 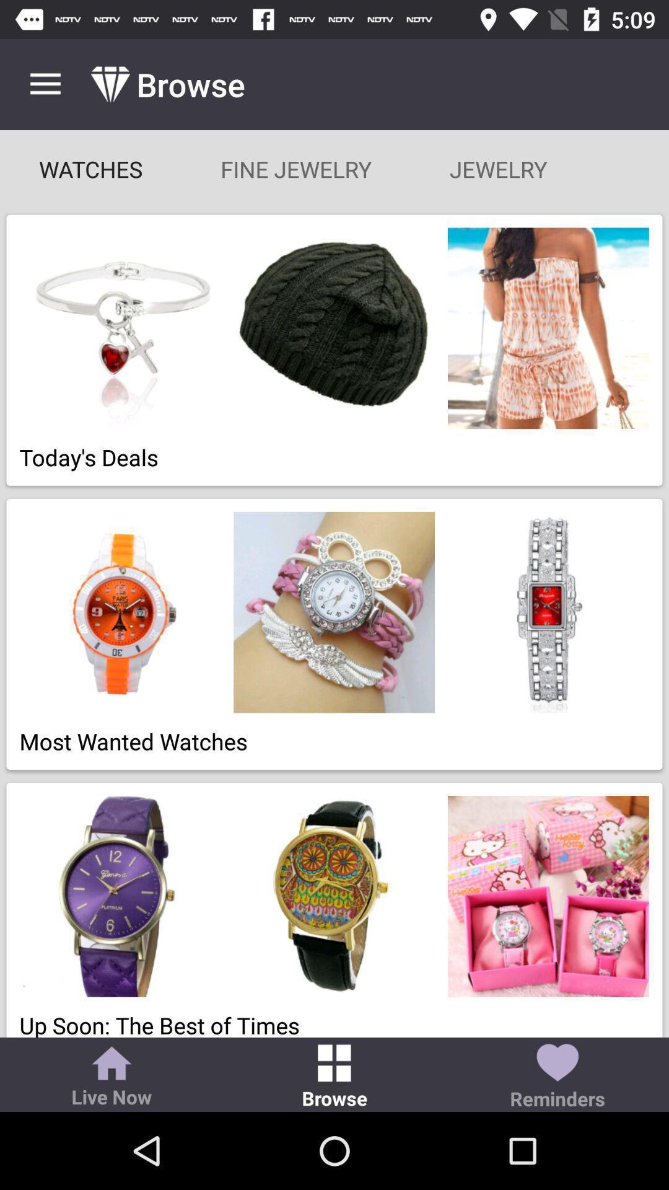 What do you see at coordinates (556, 1077) in the screenshot?
I see `icon next to browse icon` at bounding box center [556, 1077].